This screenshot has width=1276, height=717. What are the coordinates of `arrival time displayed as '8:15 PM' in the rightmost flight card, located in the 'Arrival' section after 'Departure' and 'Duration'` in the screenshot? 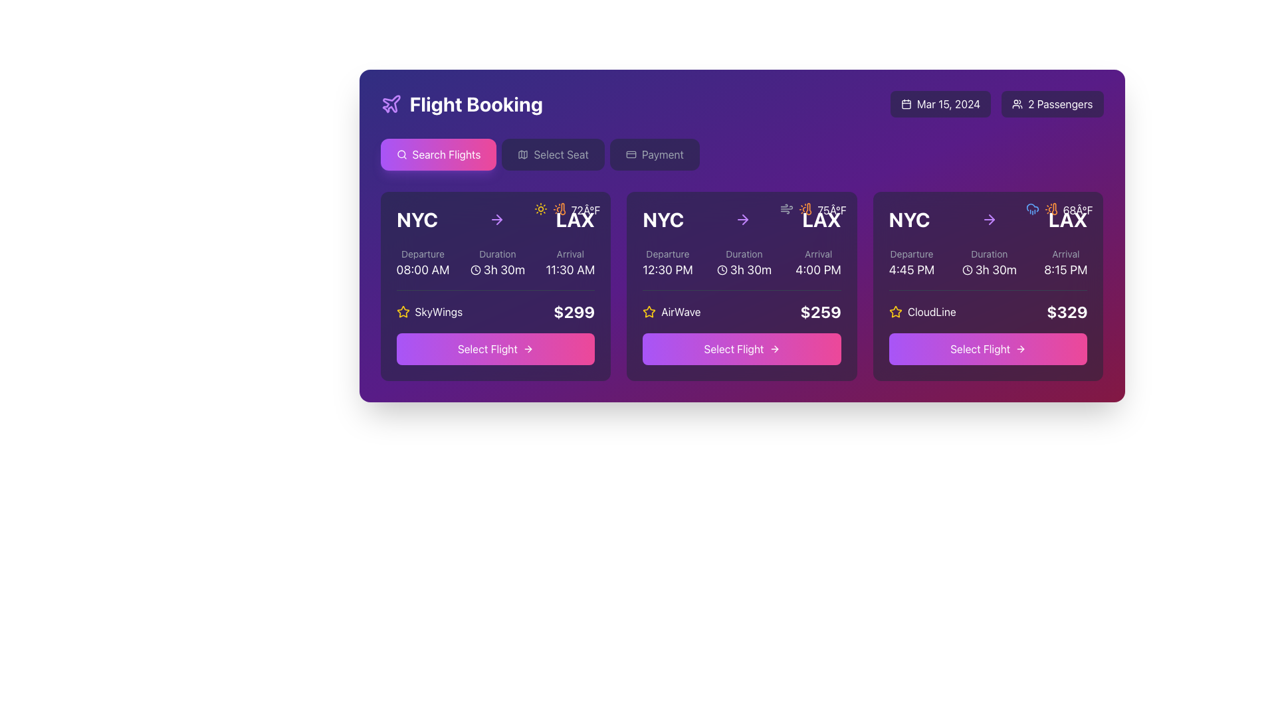 It's located at (1065, 264).